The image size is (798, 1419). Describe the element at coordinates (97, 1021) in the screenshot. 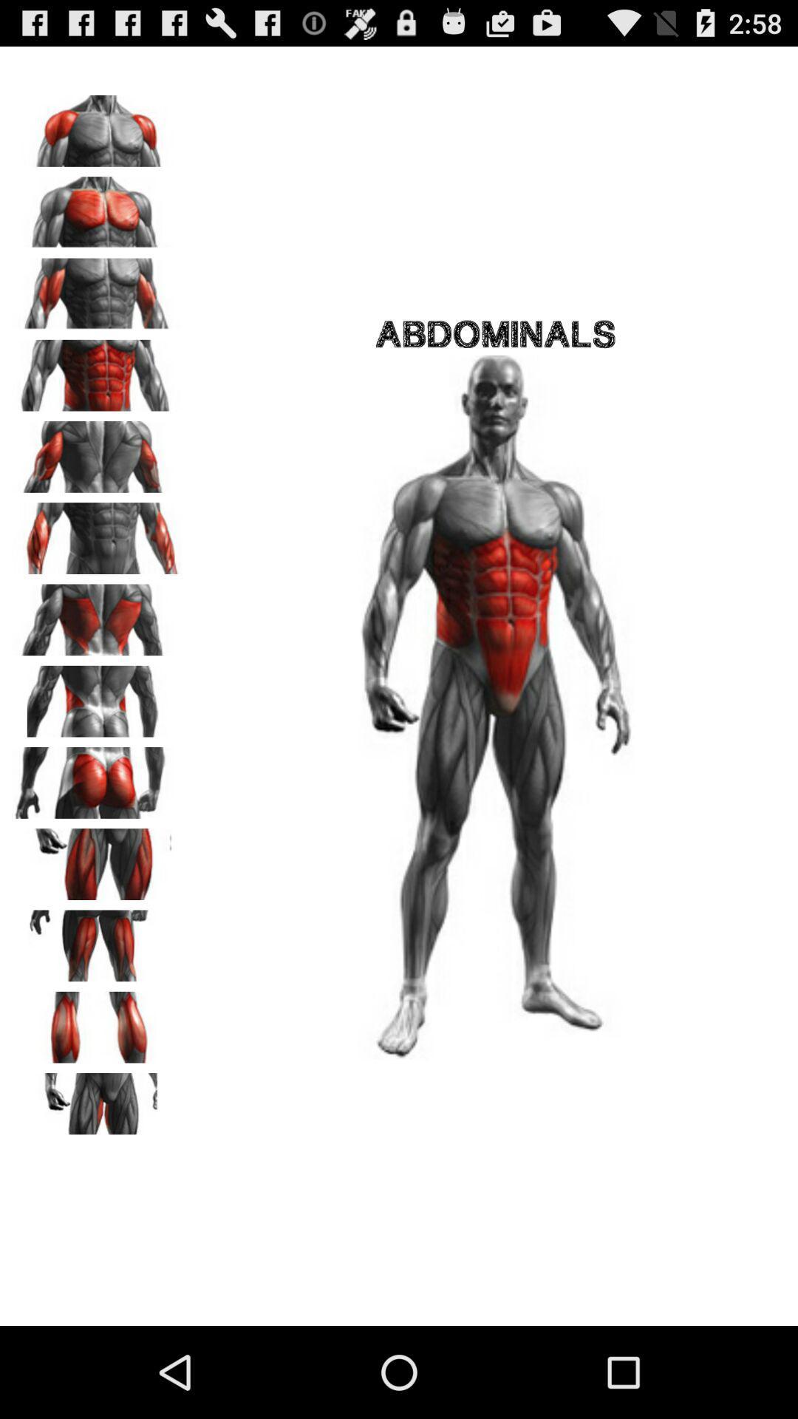

I see `switch body part` at that location.